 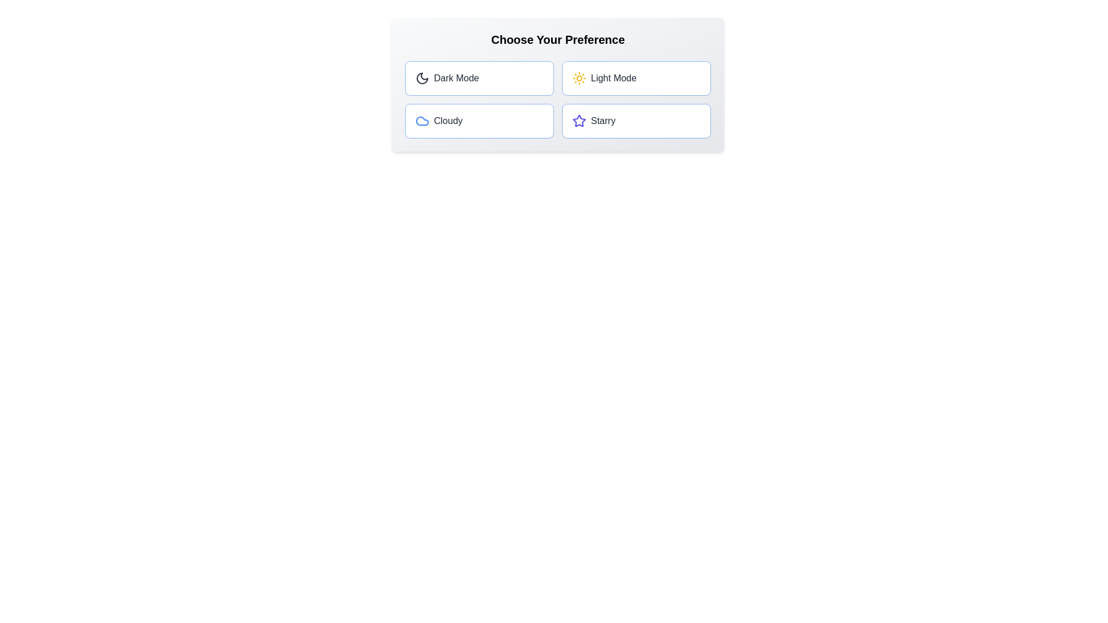 I want to click on the 'Cloudy' selectable option in the lower-left quadrant of the four-segment selection interface, so click(x=438, y=121).